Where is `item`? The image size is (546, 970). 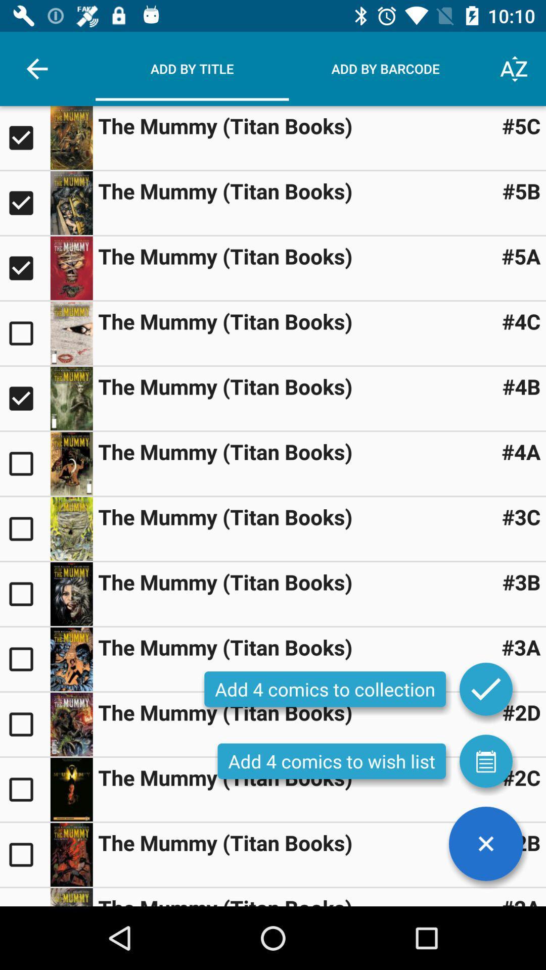 item is located at coordinates (71, 659).